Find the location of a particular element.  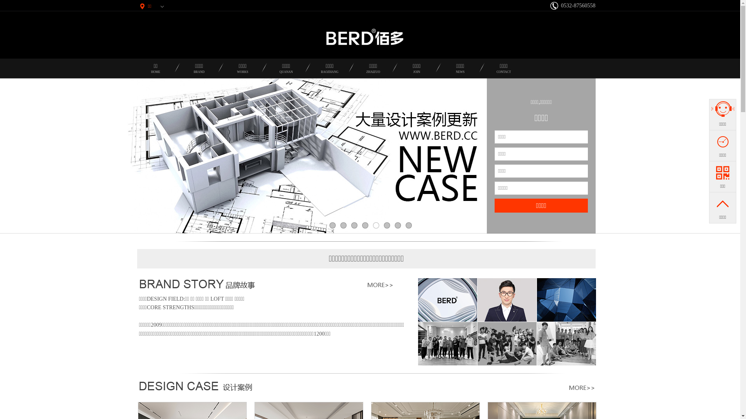

'7' is located at coordinates (397, 225).